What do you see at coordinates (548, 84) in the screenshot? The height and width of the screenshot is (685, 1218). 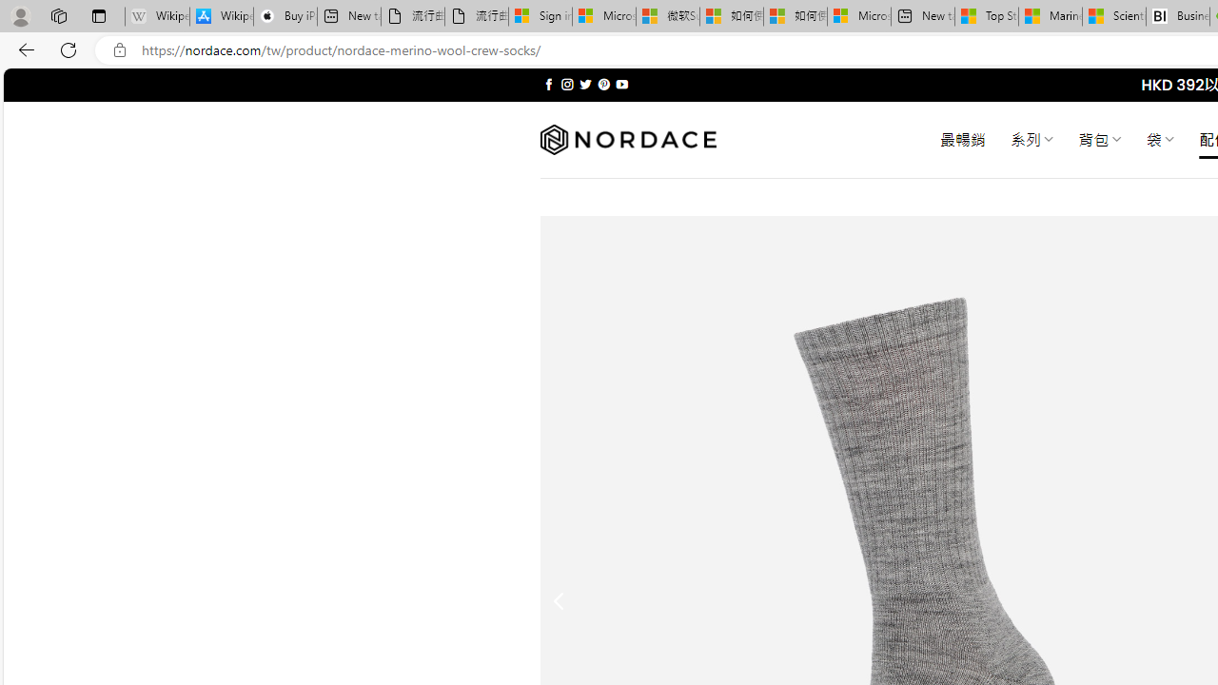 I see `'Follow on Facebook'` at bounding box center [548, 84].